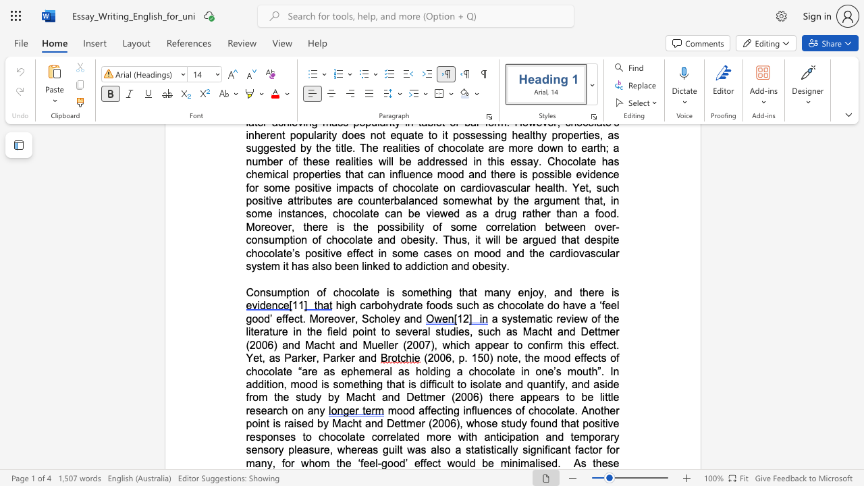 Image resolution: width=864 pixels, height=486 pixels. I want to click on the subset text "ould be m" within the text "guilt was also a statistically significant factor for many, for whom the ‘feel-good’ effect would be minimalised", so click(455, 462).